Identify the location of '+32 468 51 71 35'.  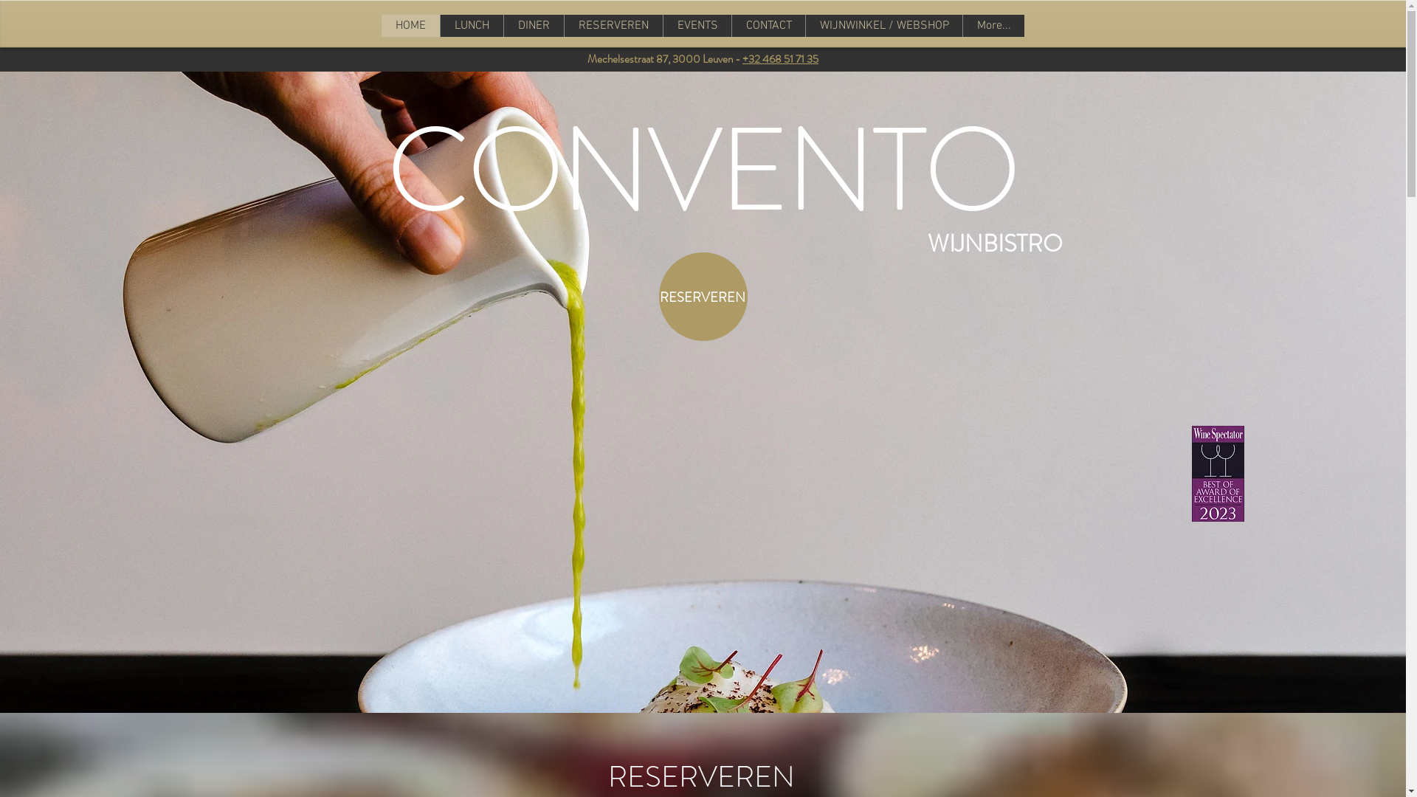
(779, 58).